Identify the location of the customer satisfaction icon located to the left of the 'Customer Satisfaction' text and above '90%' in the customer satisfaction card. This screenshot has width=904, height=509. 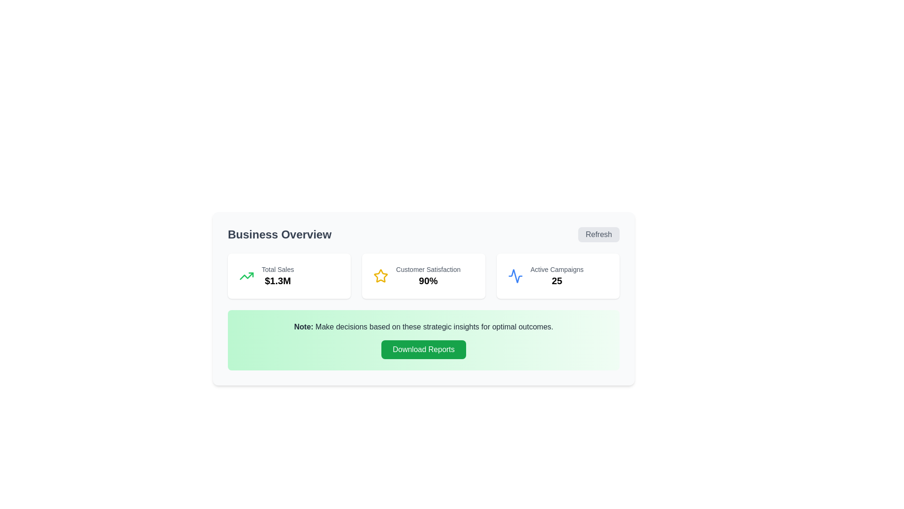
(381, 276).